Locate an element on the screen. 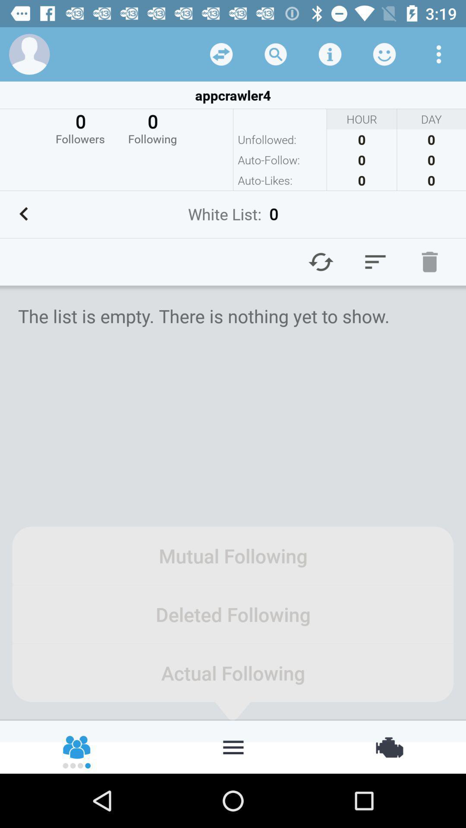  refresh is located at coordinates (321, 261).